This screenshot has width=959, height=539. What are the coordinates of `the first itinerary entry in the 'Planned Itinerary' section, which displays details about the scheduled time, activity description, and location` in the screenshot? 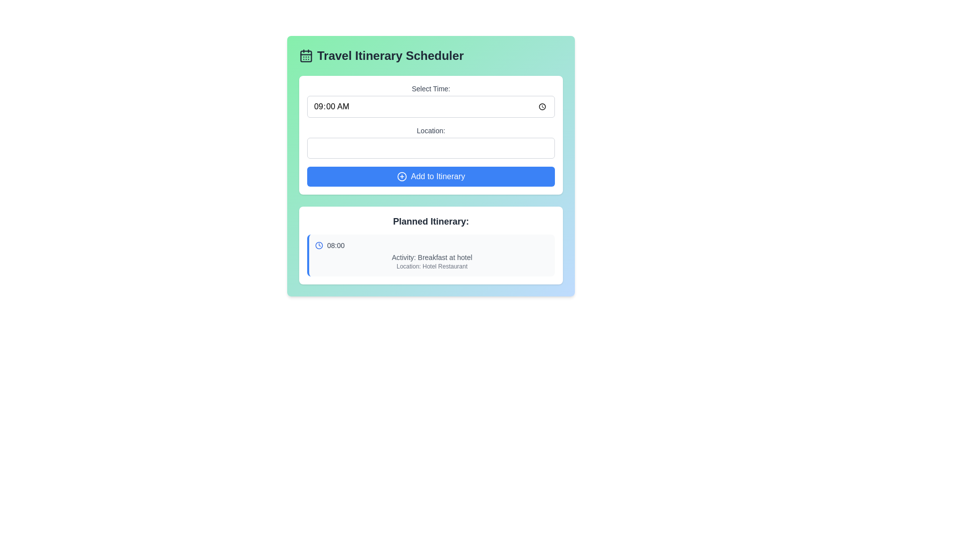 It's located at (431, 255).